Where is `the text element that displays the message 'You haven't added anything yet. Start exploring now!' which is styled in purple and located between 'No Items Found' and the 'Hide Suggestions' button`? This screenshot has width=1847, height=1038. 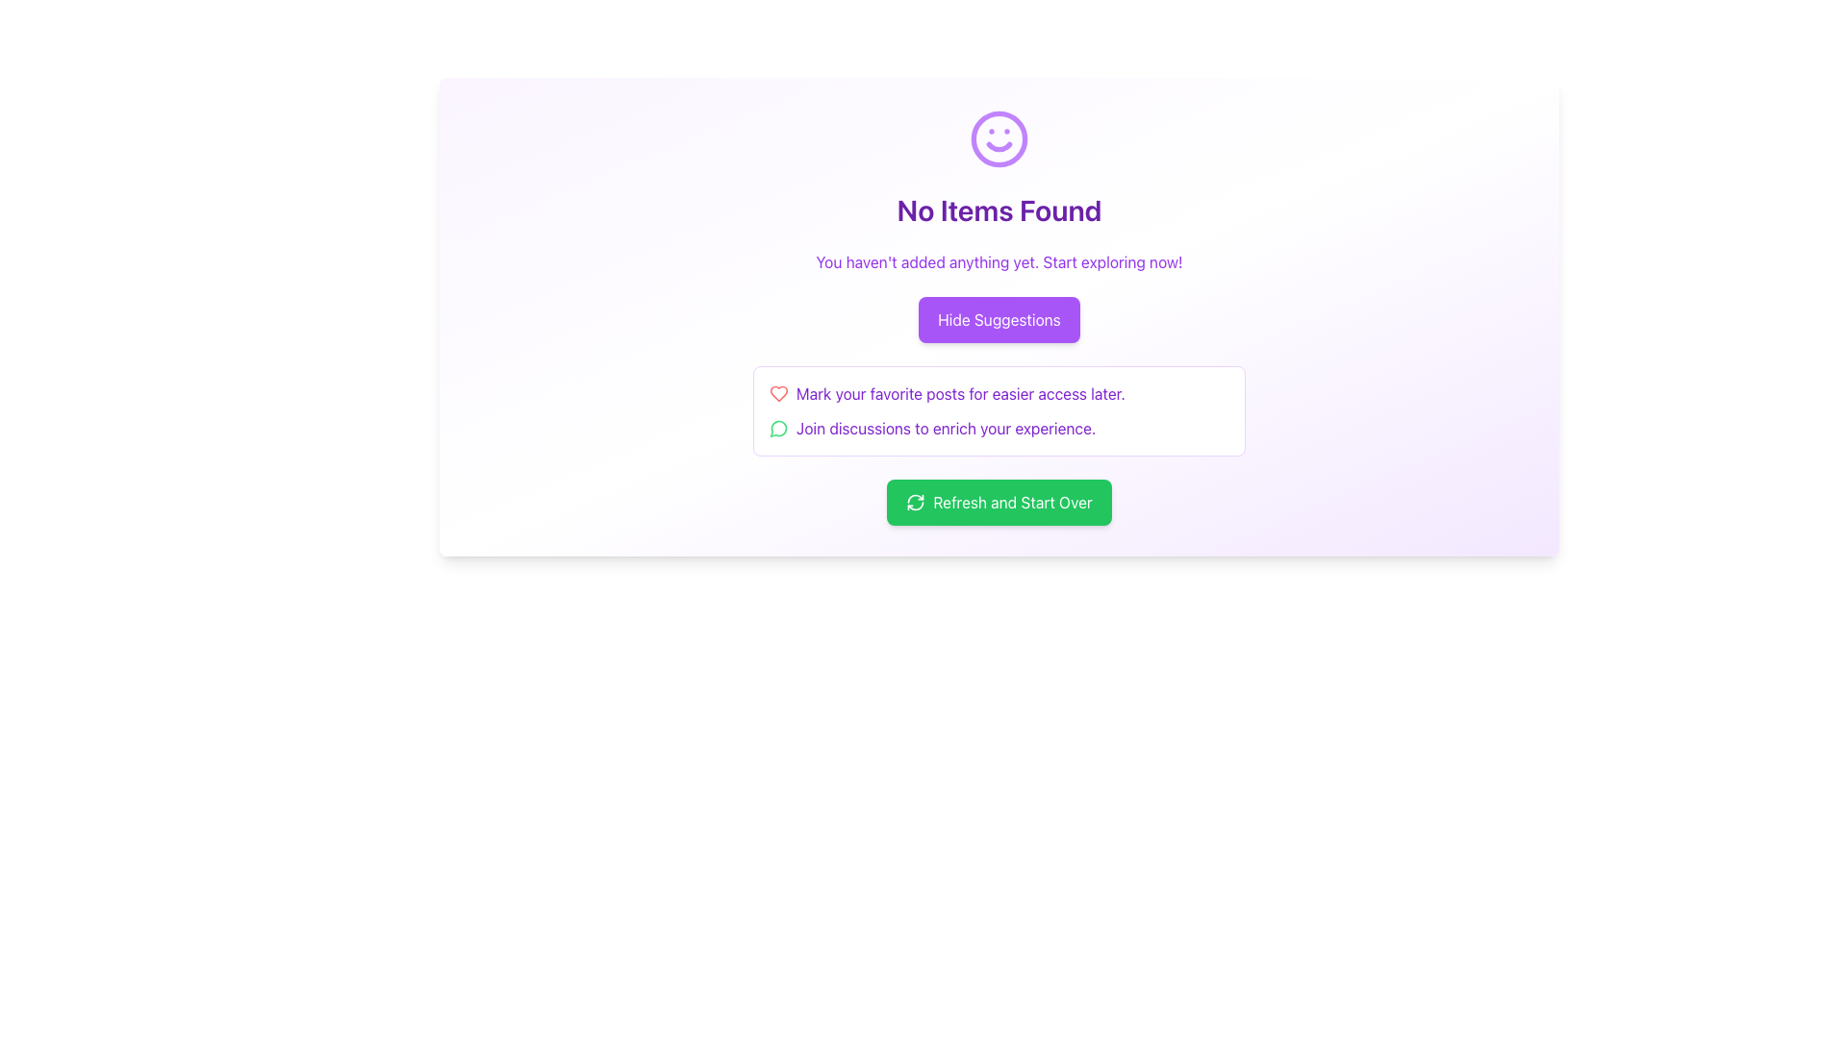 the text element that displays the message 'You haven't added anything yet. Start exploring now!' which is styled in purple and located between 'No Items Found' and the 'Hide Suggestions' button is located at coordinates (999, 262).